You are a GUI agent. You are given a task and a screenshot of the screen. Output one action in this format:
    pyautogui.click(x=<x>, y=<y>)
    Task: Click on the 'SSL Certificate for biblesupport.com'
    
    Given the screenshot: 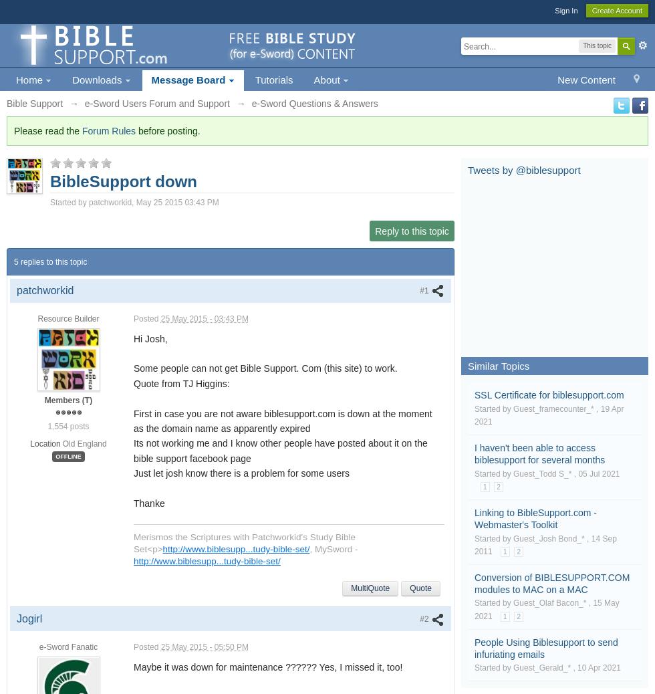 What is the action you would take?
    pyautogui.click(x=549, y=394)
    